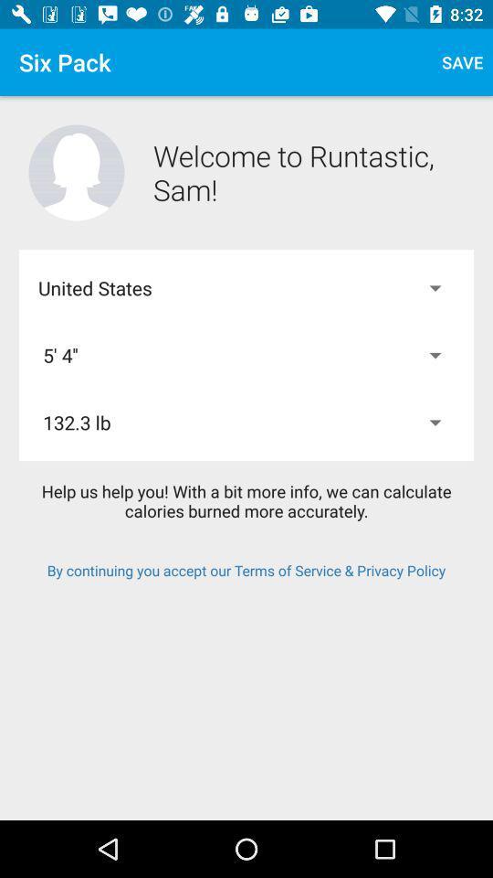  Describe the element at coordinates (246, 569) in the screenshot. I see `by continuing you icon` at that location.